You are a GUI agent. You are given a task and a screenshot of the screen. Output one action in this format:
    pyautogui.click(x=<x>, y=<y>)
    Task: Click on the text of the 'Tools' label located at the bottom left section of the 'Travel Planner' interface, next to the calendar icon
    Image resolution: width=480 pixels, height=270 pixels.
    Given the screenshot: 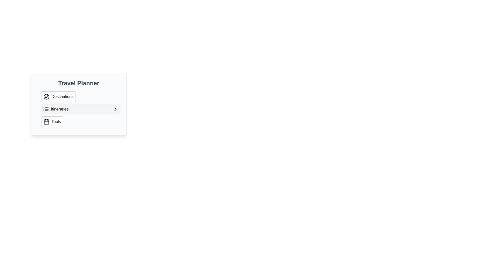 What is the action you would take?
    pyautogui.click(x=56, y=121)
    